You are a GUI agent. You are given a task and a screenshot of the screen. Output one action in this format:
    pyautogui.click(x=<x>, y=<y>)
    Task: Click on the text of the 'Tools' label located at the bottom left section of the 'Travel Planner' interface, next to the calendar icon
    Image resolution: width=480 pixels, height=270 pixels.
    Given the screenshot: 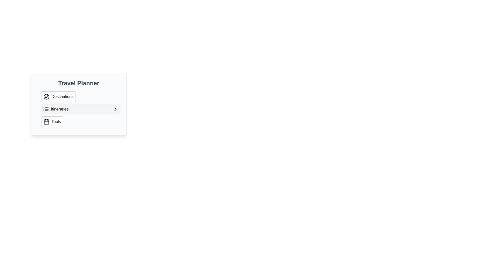 What is the action you would take?
    pyautogui.click(x=56, y=121)
    